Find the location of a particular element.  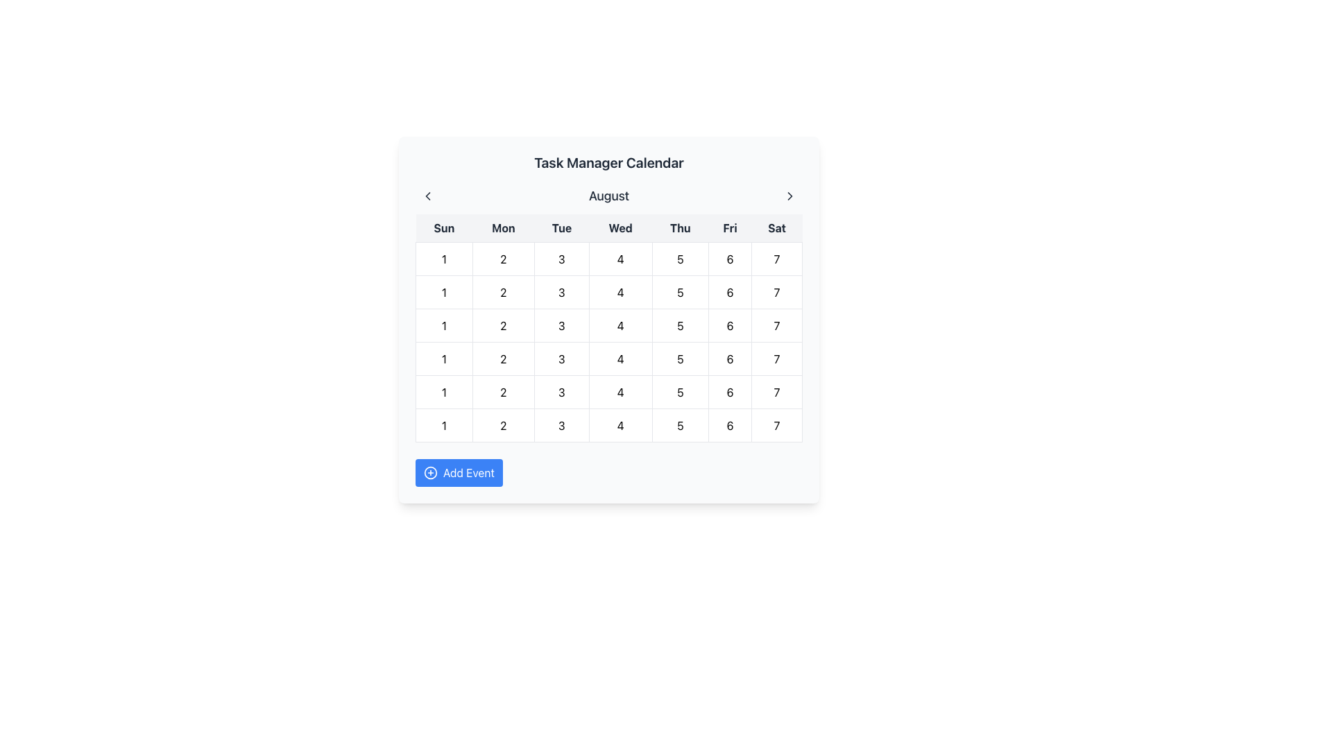

the centered number '2' in the calendar grid, located in the second column under the 'Tue' header is located at coordinates (502, 358).